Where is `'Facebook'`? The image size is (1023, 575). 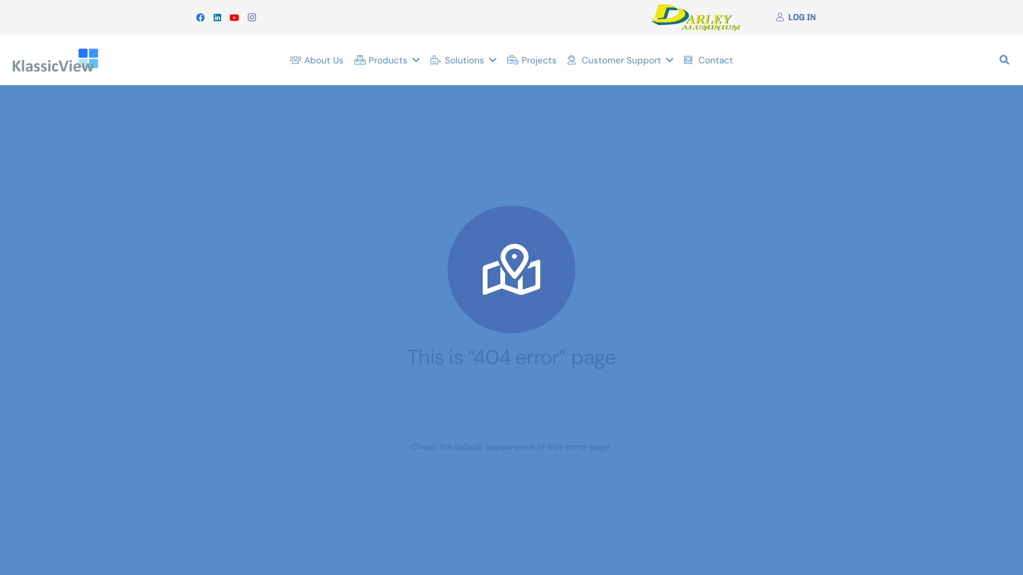
'Facebook' is located at coordinates (200, 17).